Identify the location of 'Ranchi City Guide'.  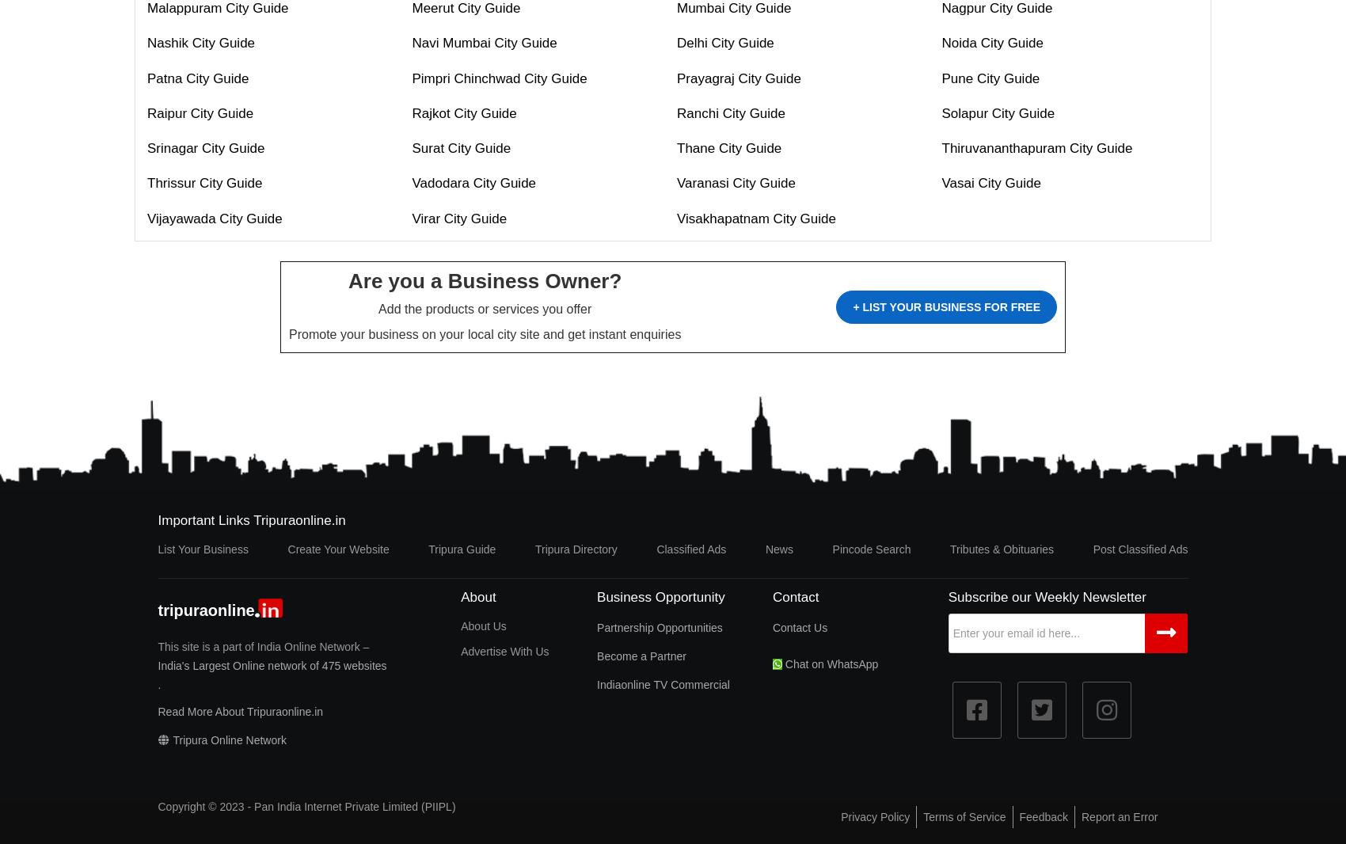
(731, 112).